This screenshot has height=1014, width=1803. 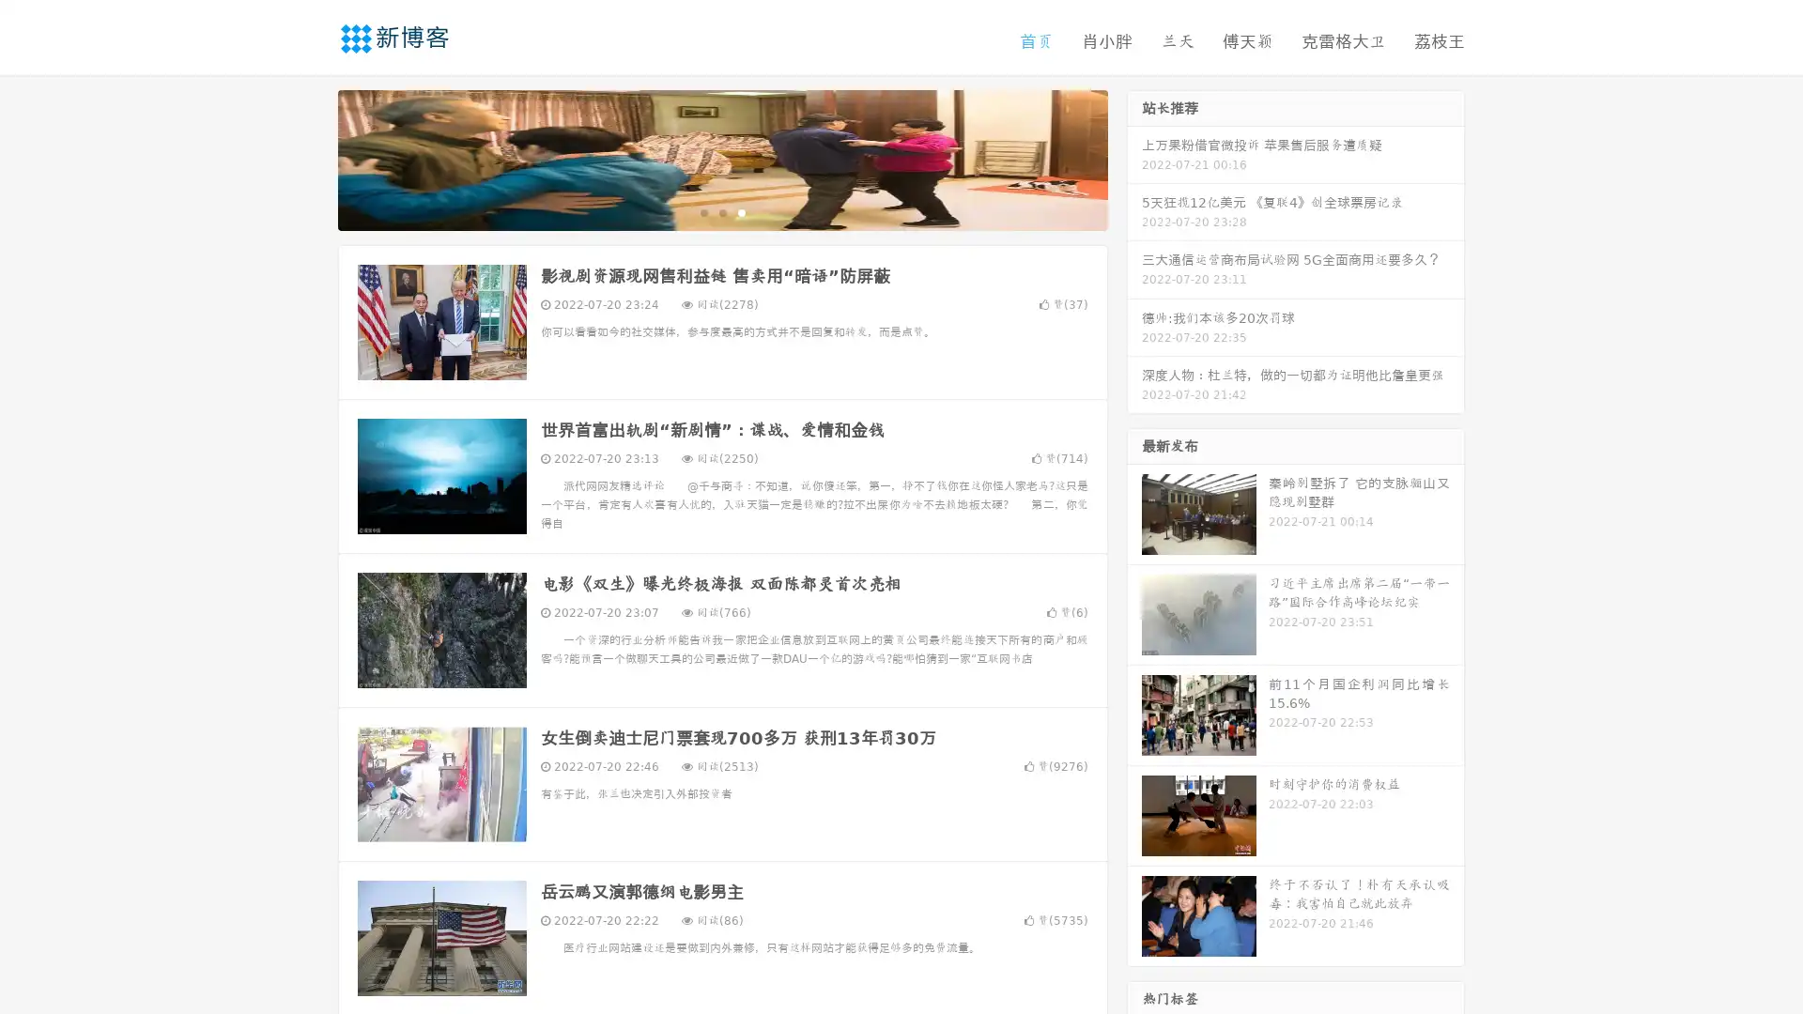 What do you see at coordinates (741, 211) in the screenshot?
I see `Go to slide 3` at bounding box center [741, 211].